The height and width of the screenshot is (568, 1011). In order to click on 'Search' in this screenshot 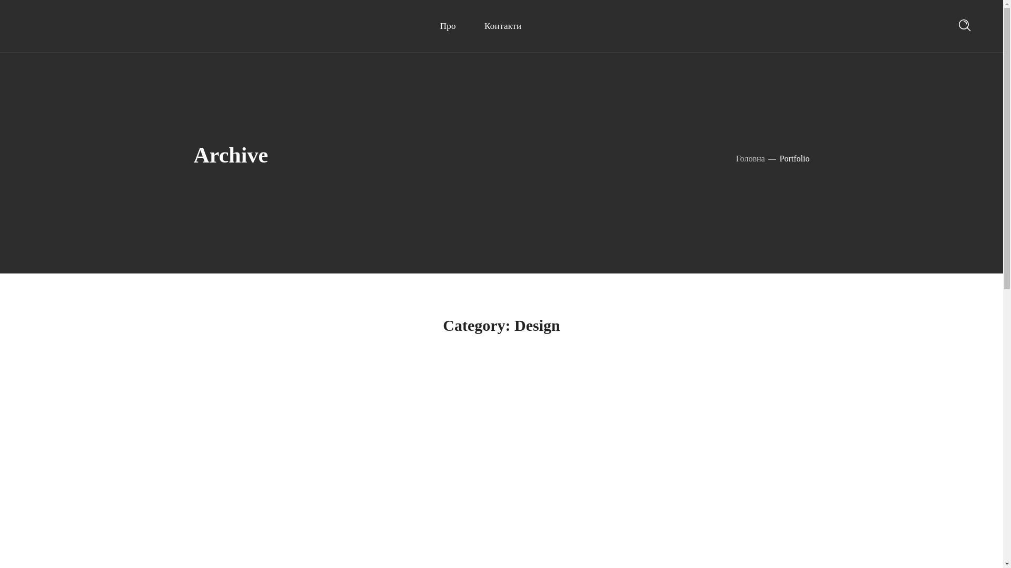, I will do `click(933, 29)`.